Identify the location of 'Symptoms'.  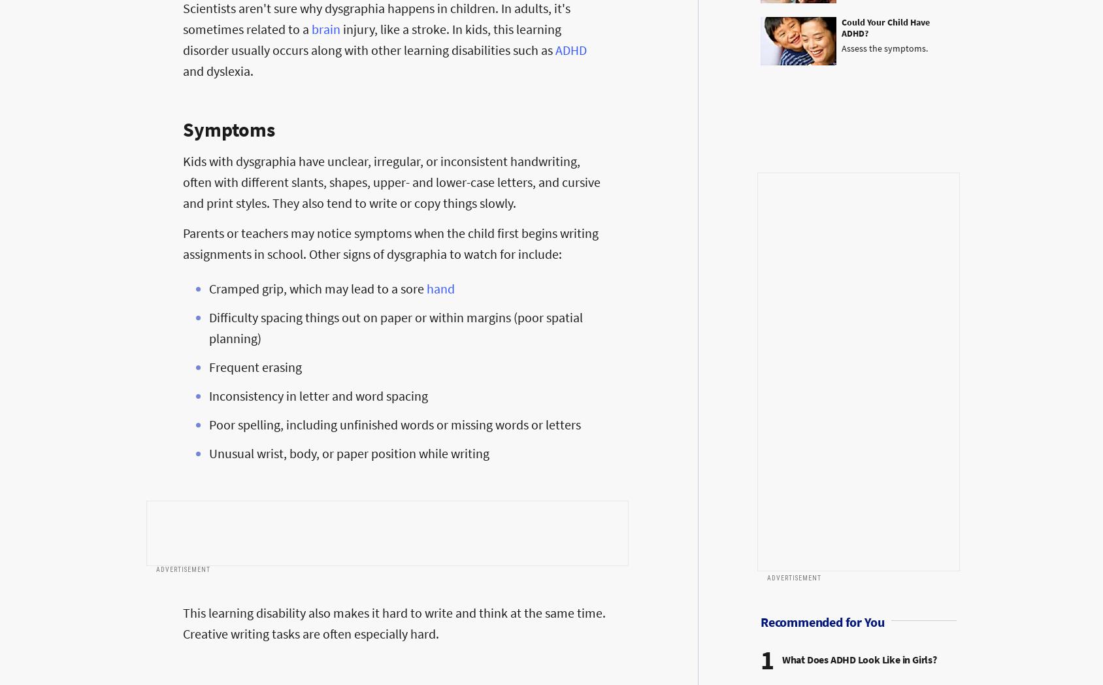
(229, 128).